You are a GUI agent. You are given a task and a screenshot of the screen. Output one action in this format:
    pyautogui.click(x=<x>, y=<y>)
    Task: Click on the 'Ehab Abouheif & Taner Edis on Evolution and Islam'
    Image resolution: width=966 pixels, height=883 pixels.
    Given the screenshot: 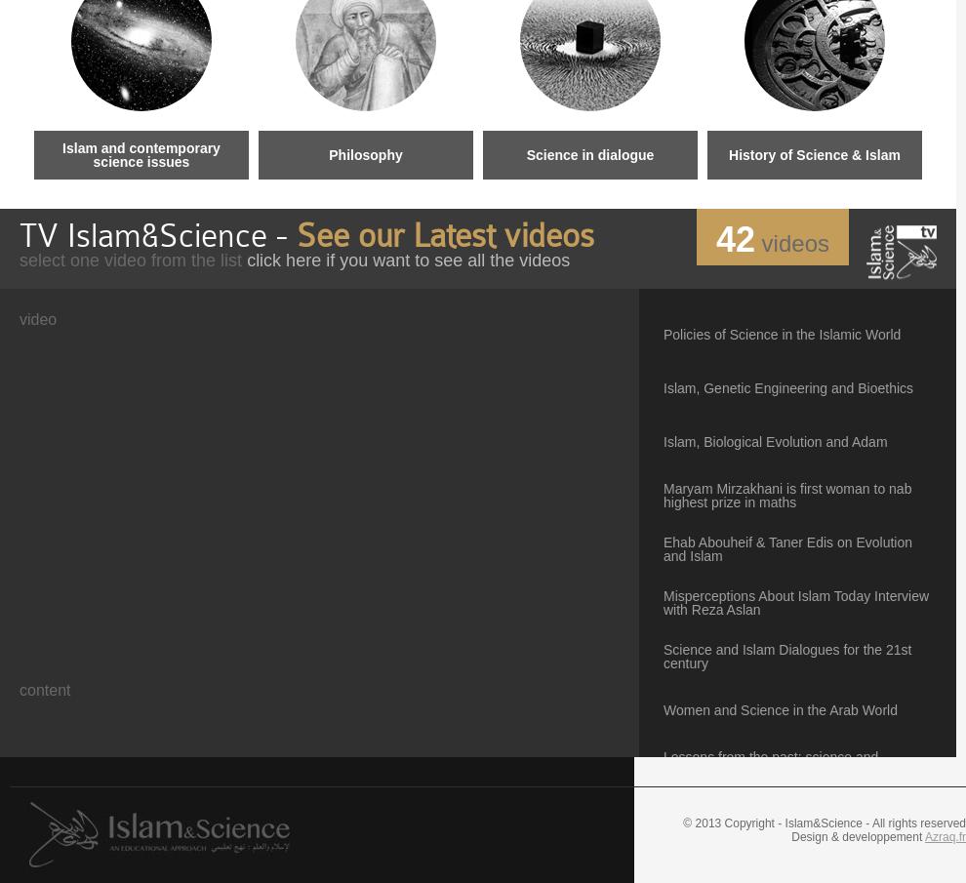 What is the action you would take?
    pyautogui.click(x=786, y=548)
    